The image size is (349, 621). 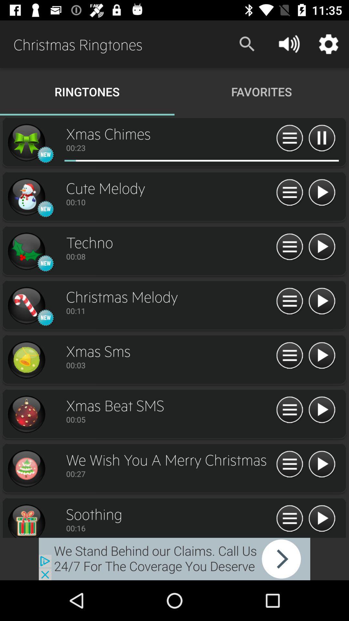 What do you see at coordinates (322, 410) in the screenshot?
I see `to play a particular tune` at bounding box center [322, 410].